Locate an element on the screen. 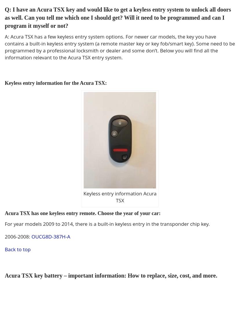  'Keyless entry information for the Acura TSX:' is located at coordinates (55, 83).